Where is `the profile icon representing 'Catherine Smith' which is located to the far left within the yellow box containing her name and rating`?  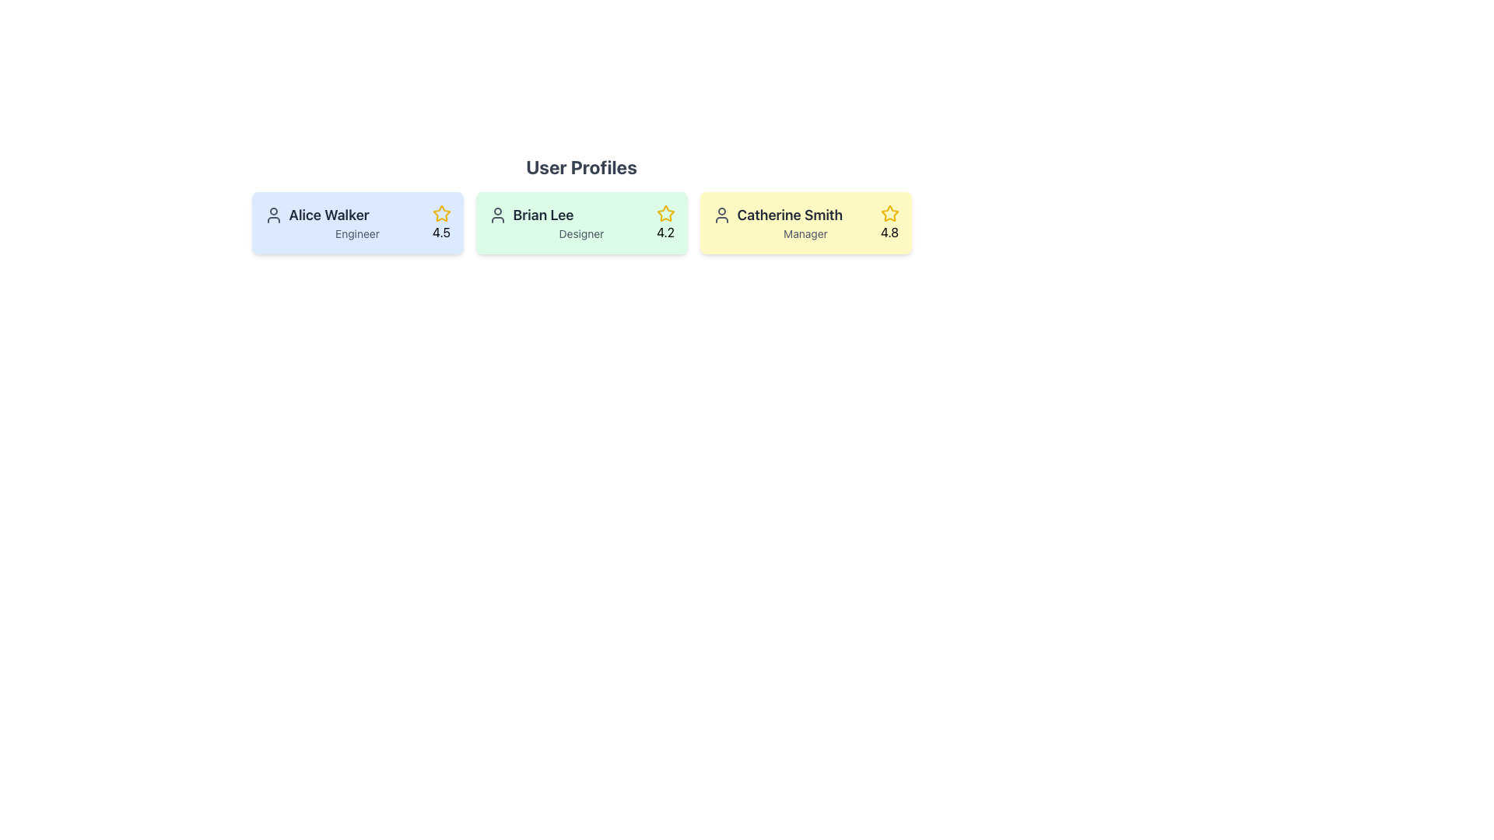
the profile icon representing 'Catherine Smith' which is located to the far left within the yellow box containing her name and rating is located at coordinates (721, 215).